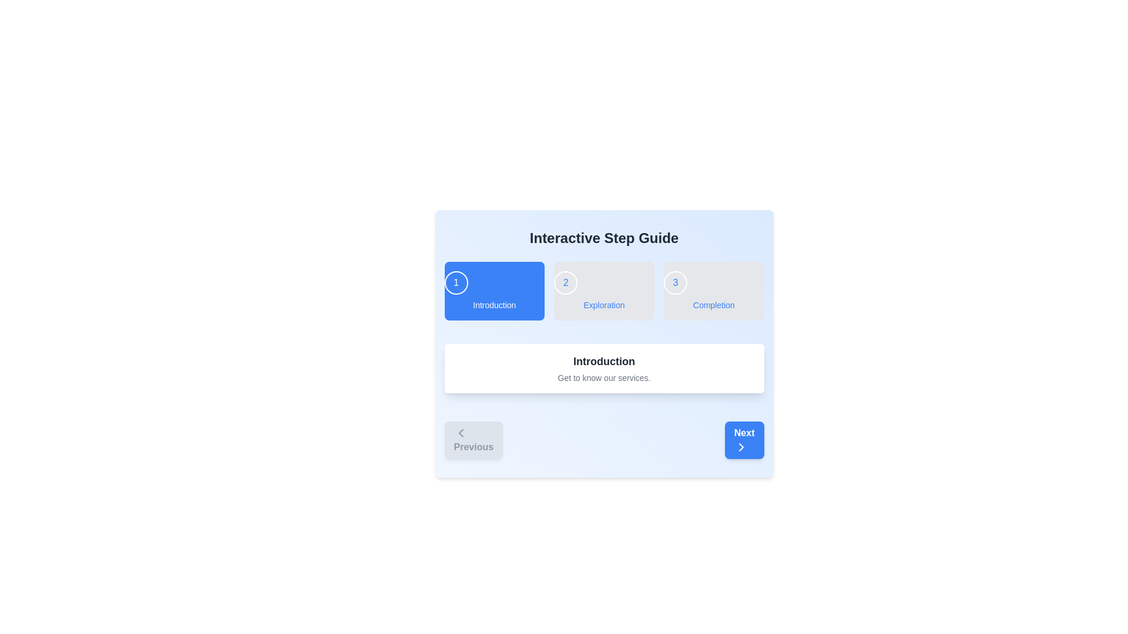  What do you see at coordinates (675, 283) in the screenshot?
I see `the third step indicator in the step-by-step guide, located to the right of '1 Introduction' and '2 Exploration', for guidance` at bounding box center [675, 283].